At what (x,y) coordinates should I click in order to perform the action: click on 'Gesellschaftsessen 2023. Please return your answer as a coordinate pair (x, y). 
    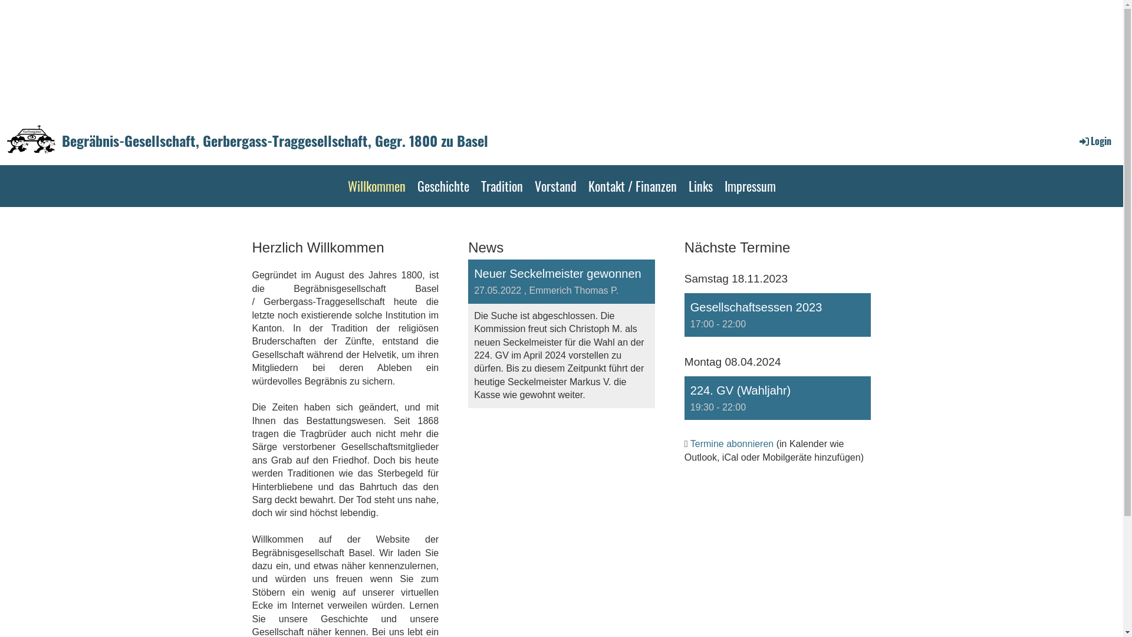
    Looking at the image, I should click on (778, 314).